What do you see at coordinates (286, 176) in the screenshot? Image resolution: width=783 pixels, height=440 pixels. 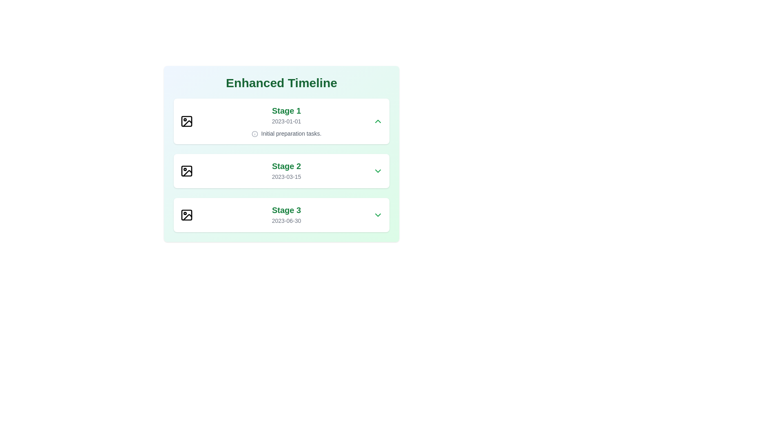 I see `the text displaying the date '2023-03-15' which is located below the title 'Stage 2' in the timeline` at bounding box center [286, 176].